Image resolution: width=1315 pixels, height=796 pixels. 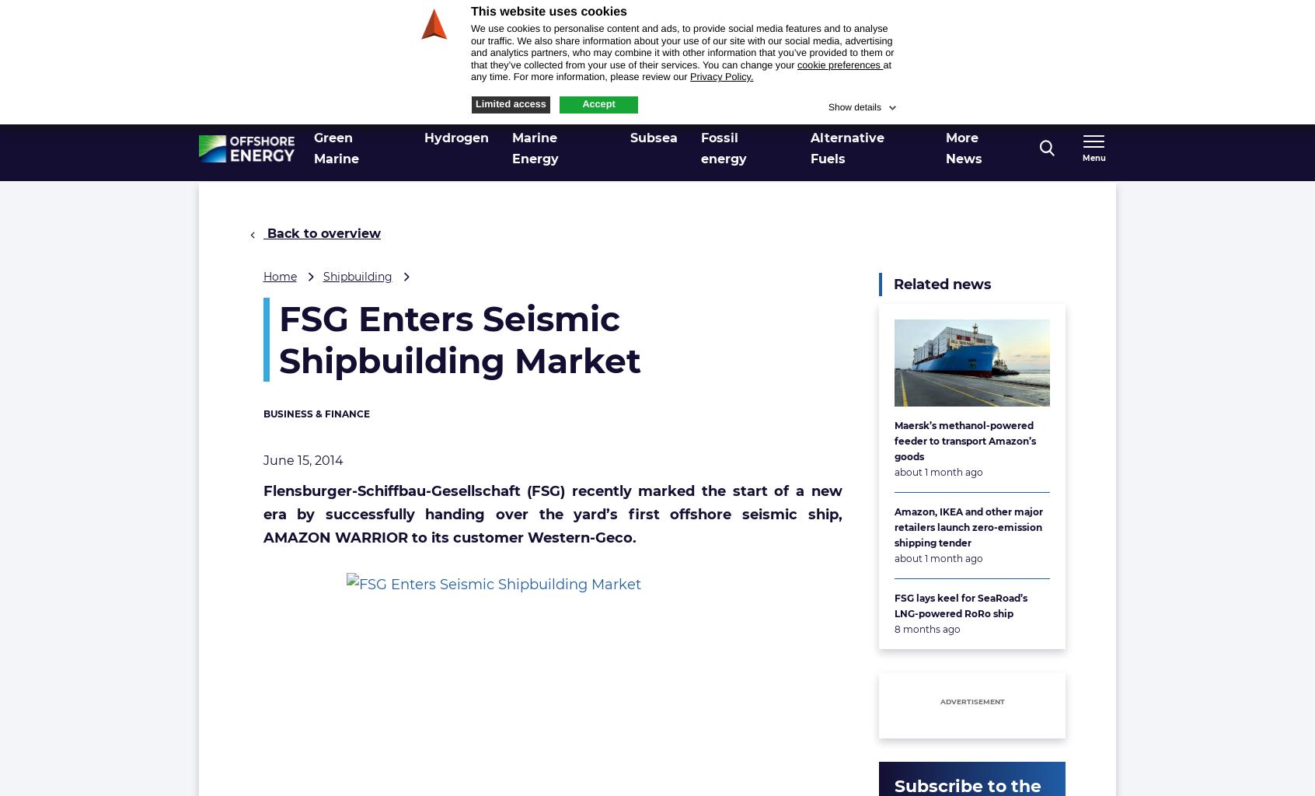 What do you see at coordinates (548, 12) in the screenshot?
I see `'This website uses cookies'` at bounding box center [548, 12].